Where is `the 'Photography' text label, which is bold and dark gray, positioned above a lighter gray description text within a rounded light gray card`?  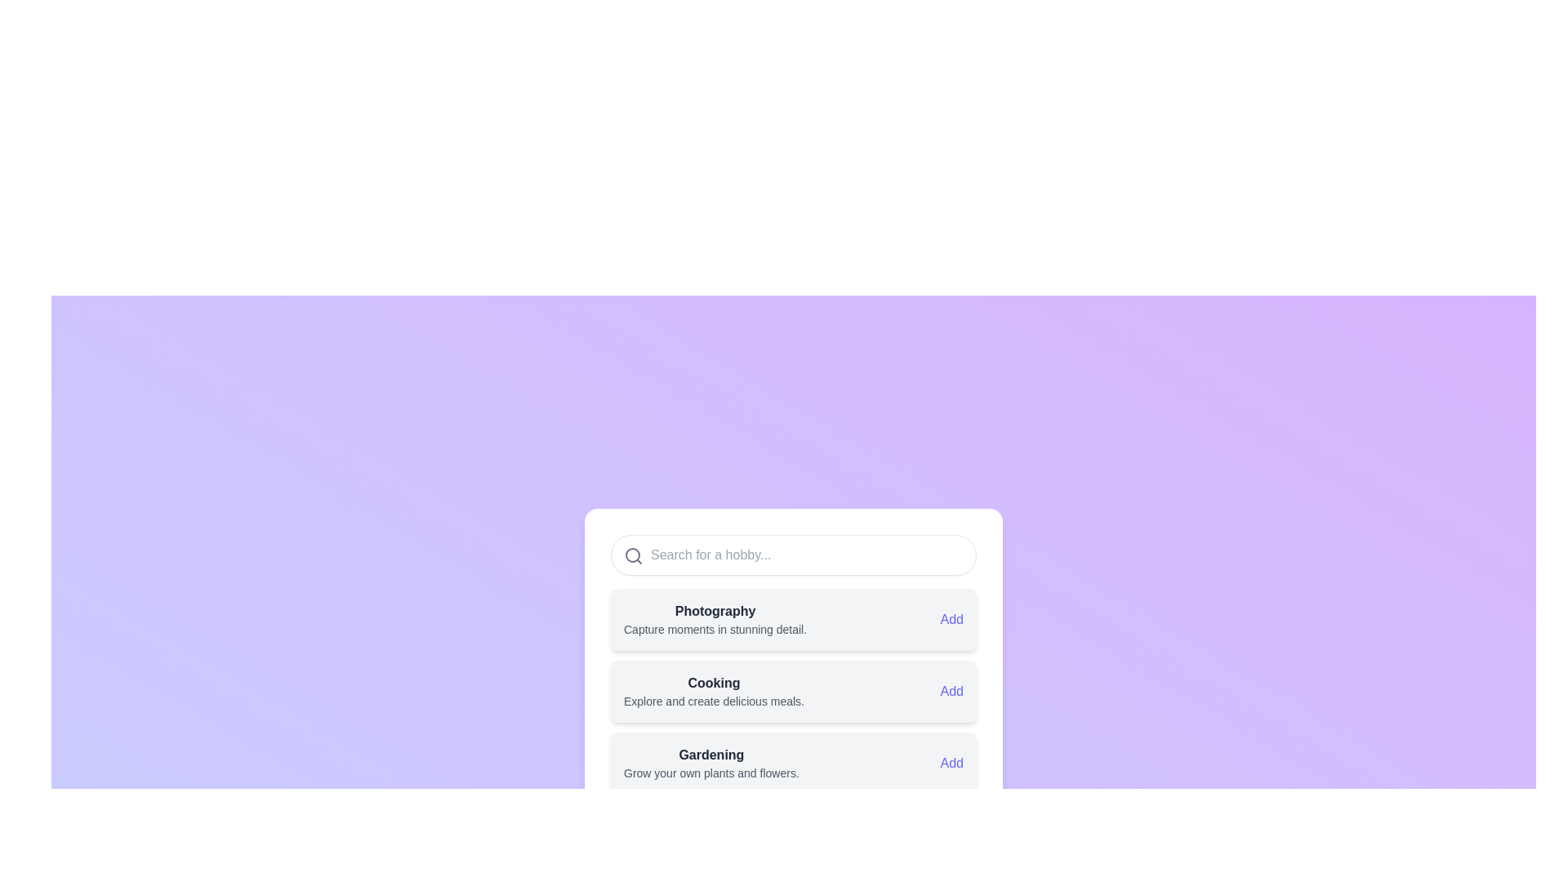
the 'Photography' text label, which is bold and dark gray, positioned above a lighter gray description text within a rounded light gray card is located at coordinates (715, 620).